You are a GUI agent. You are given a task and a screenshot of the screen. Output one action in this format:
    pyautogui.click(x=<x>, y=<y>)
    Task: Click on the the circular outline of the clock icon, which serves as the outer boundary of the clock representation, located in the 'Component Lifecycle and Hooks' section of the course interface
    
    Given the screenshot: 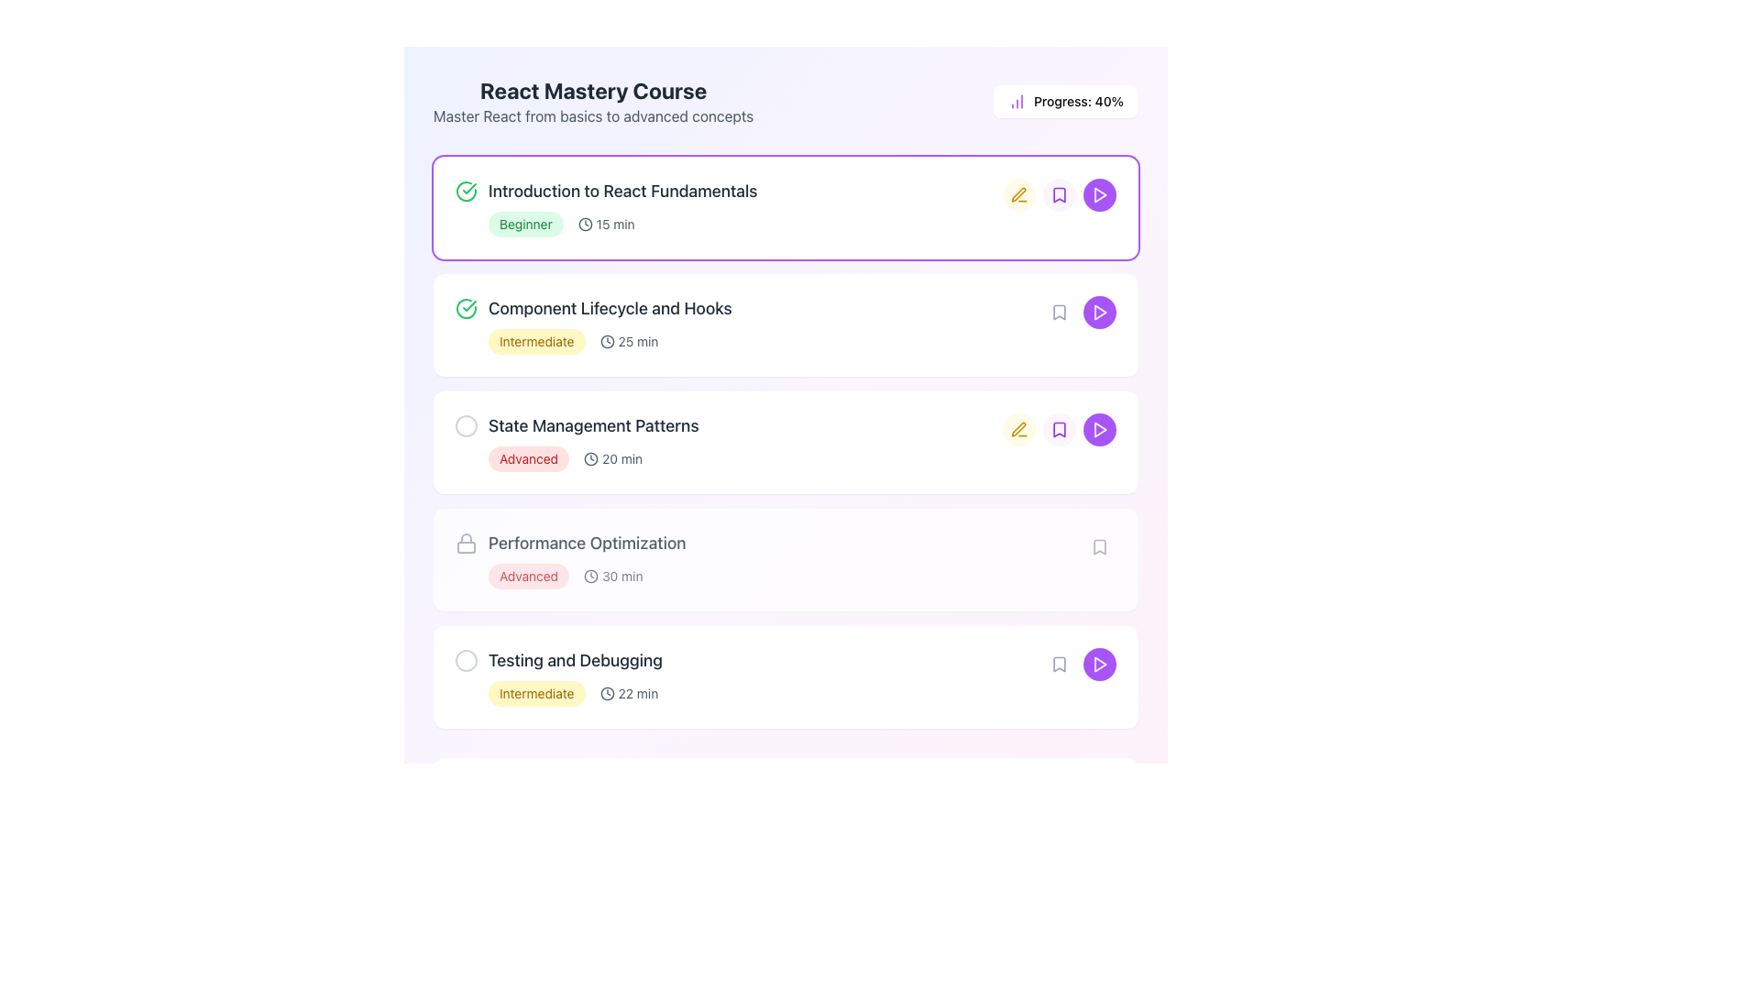 What is the action you would take?
    pyautogui.click(x=607, y=342)
    